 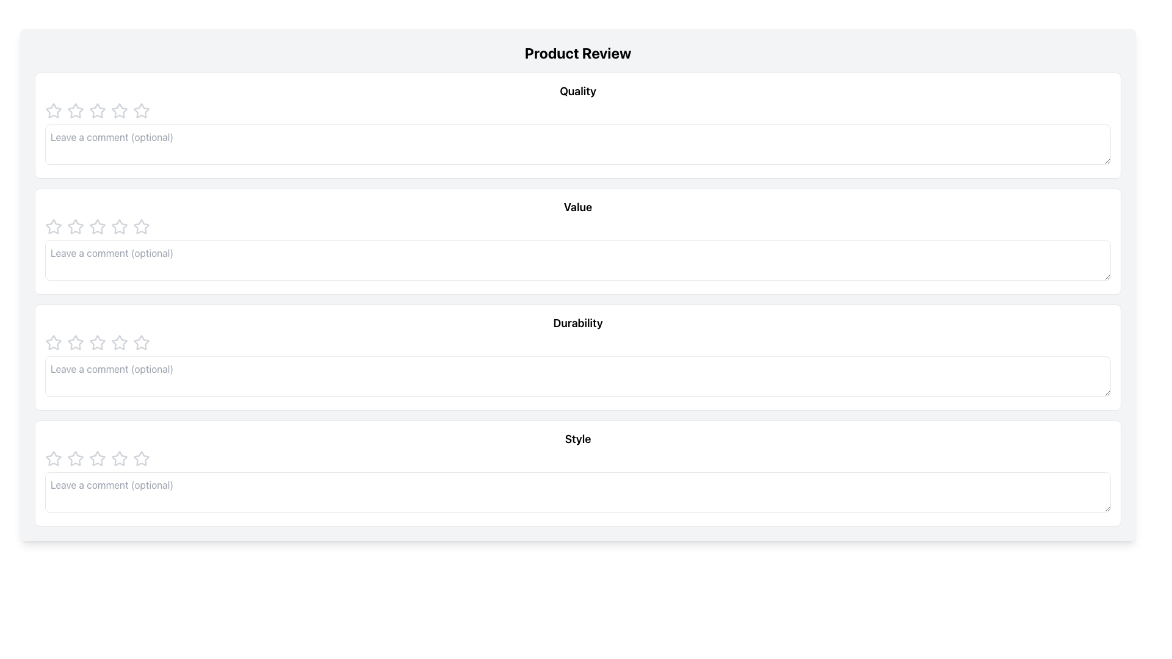 I want to click on individual stars in the star rating control located in the 'Style' section of the review form to rate, so click(x=577, y=459).